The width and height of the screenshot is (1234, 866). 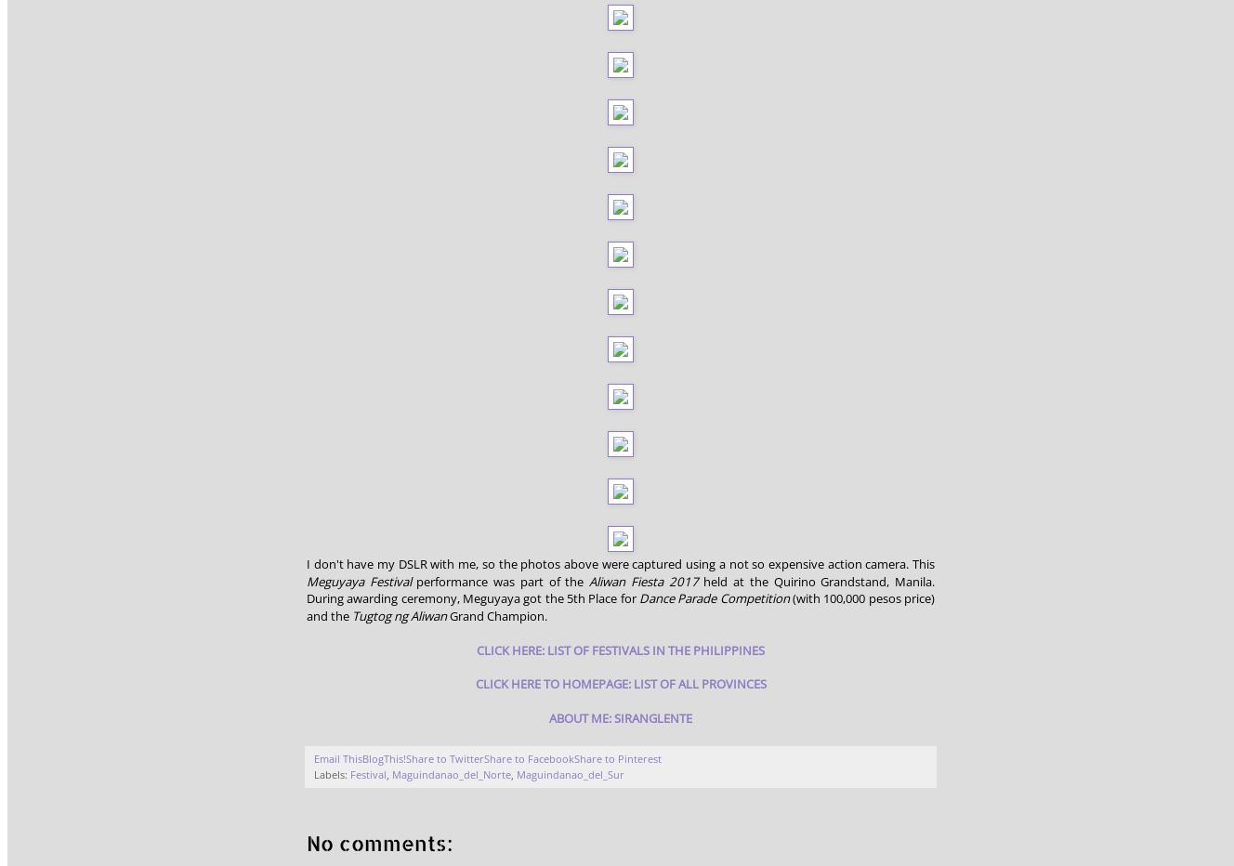 I want to click on 'Labels:', so click(x=331, y=773).